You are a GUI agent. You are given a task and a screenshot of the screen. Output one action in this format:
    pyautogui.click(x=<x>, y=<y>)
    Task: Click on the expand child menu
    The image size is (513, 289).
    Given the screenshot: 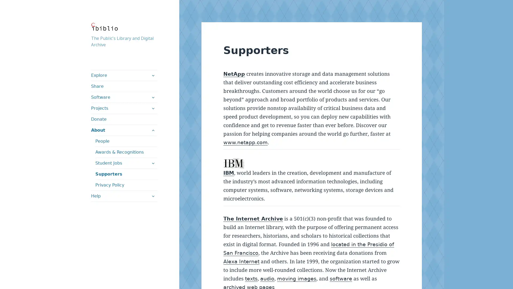 What is the action you would take?
    pyautogui.click(x=152, y=196)
    